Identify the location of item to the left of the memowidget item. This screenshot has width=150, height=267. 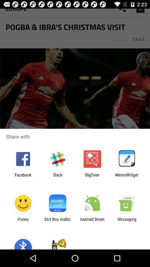
(92, 177).